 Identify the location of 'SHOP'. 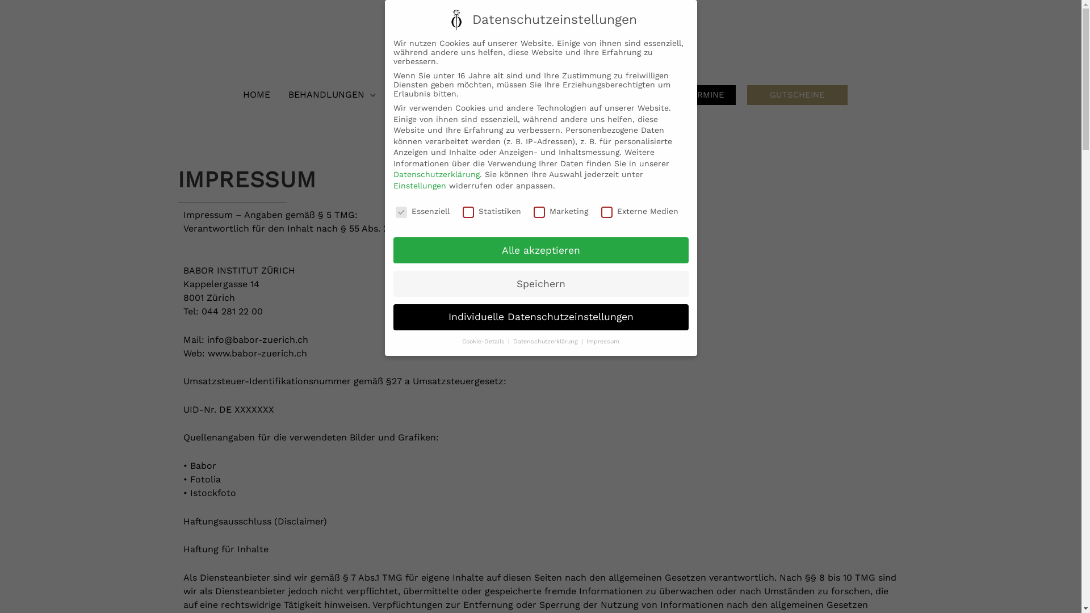
(642, 94).